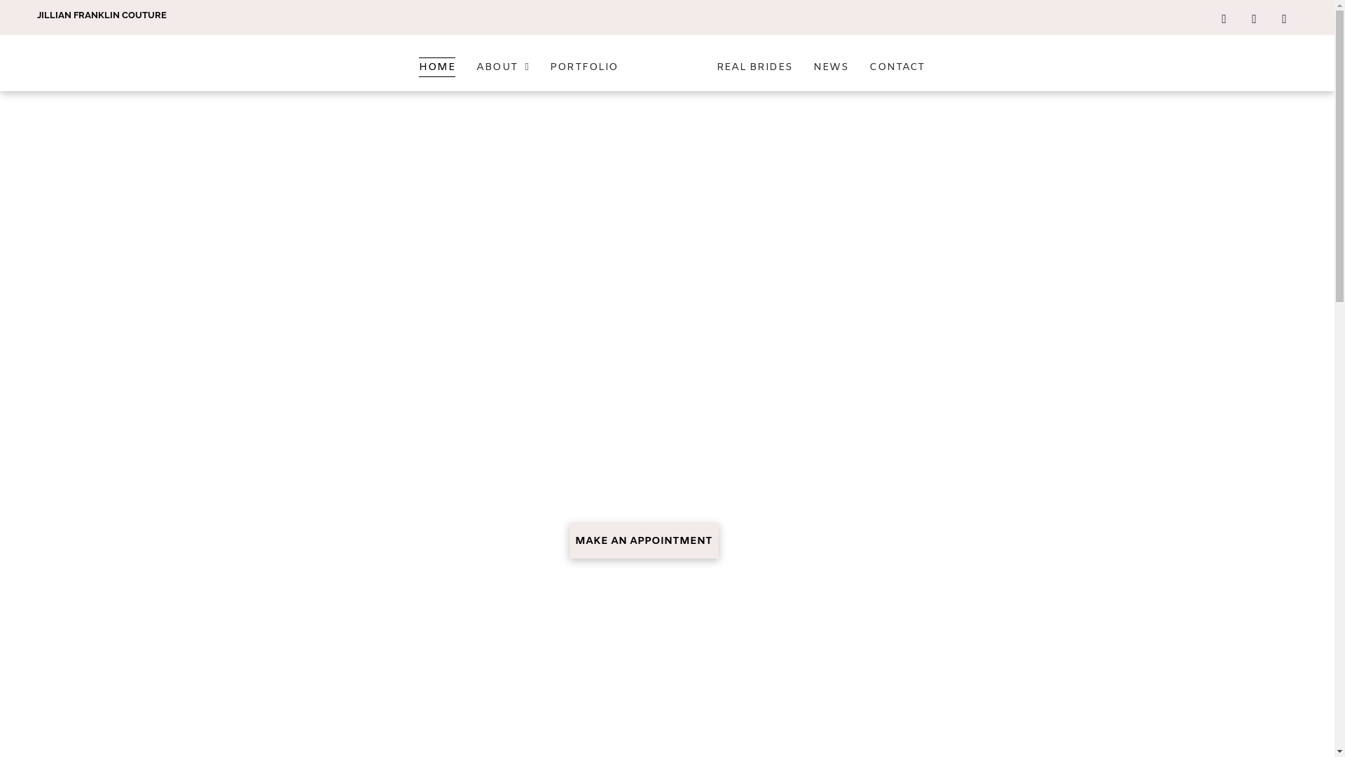  What do you see at coordinates (897, 67) in the screenshot?
I see `'CONTACT'` at bounding box center [897, 67].